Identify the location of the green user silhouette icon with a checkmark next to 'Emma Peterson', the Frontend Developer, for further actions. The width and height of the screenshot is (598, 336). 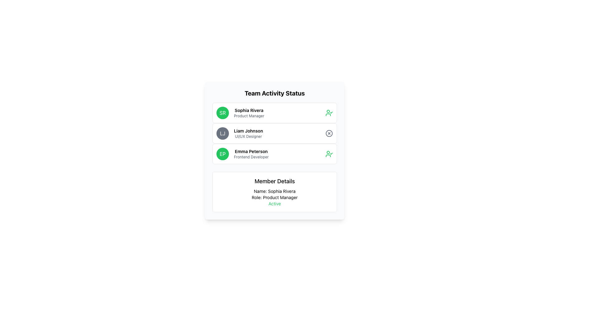
(329, 154).